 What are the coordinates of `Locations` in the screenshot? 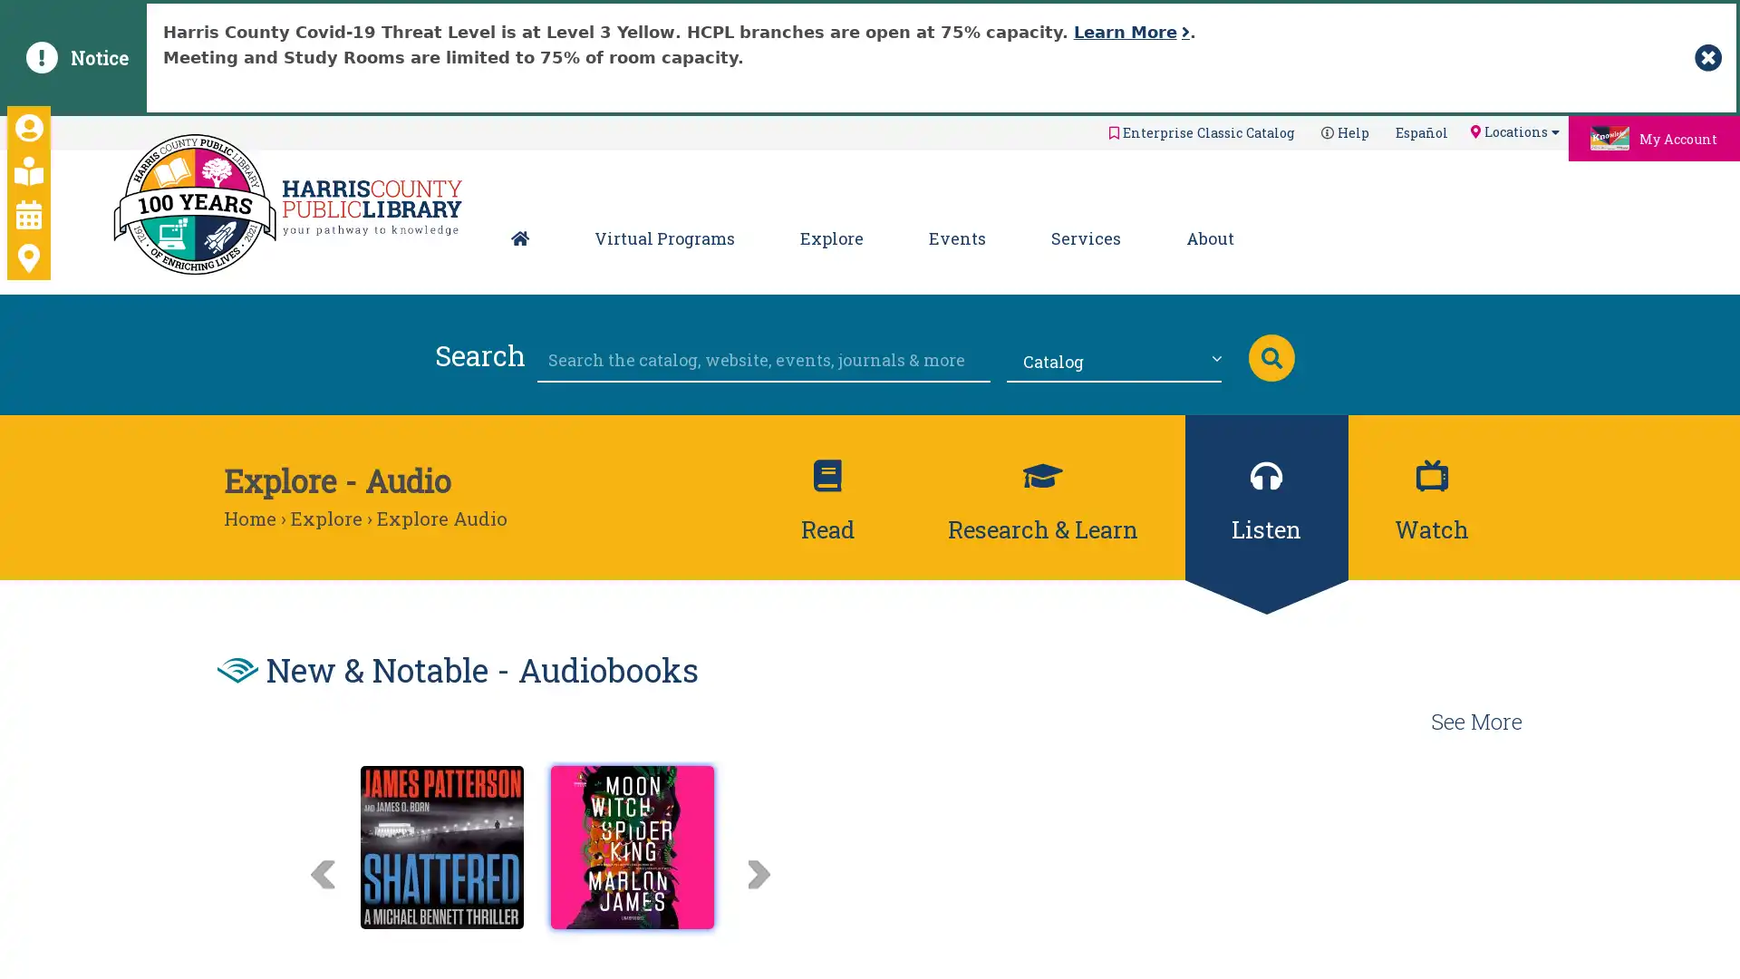 It's located at (1513, 131).